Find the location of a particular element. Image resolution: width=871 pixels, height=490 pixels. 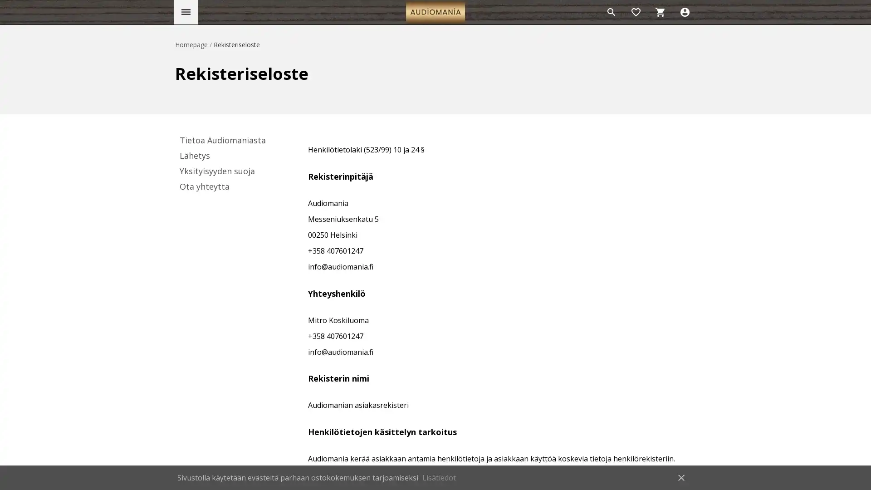

account_circle is located at coordinates (685, 12).